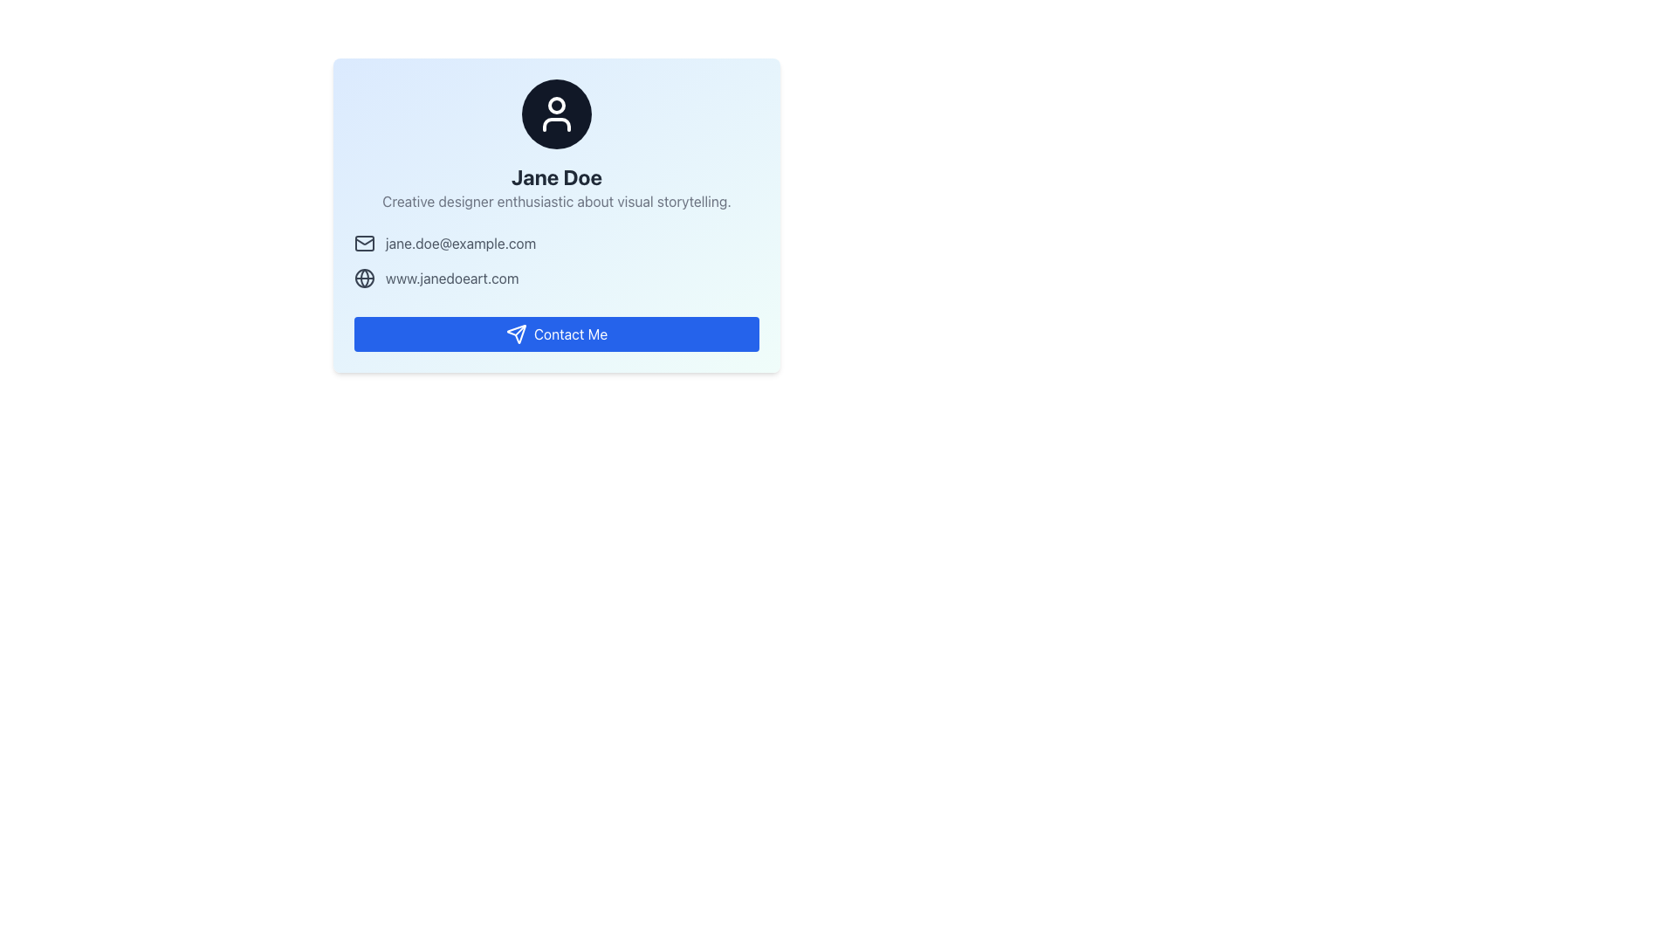 The height and width of the screenshot is (943, 1676). I want to click on the Profile Information Component element that displays the name 'Jane Doe' and the subtitle 'Creative designer enthusiastic about visual storytelling.', so click(556, 144).